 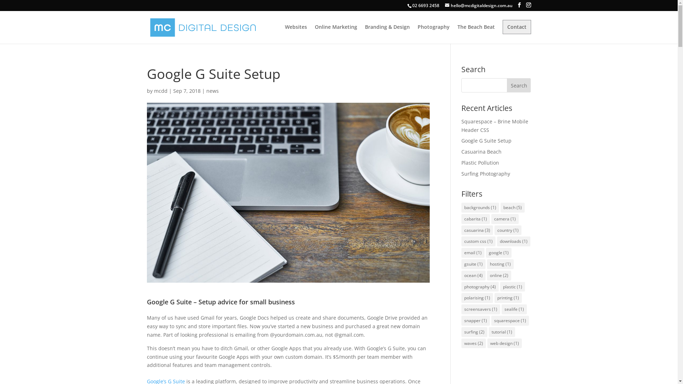 What do you see at coordinates (477, 298) in the screenshot?
I see `'polarising (1)'` at bounding box center [477, 298].